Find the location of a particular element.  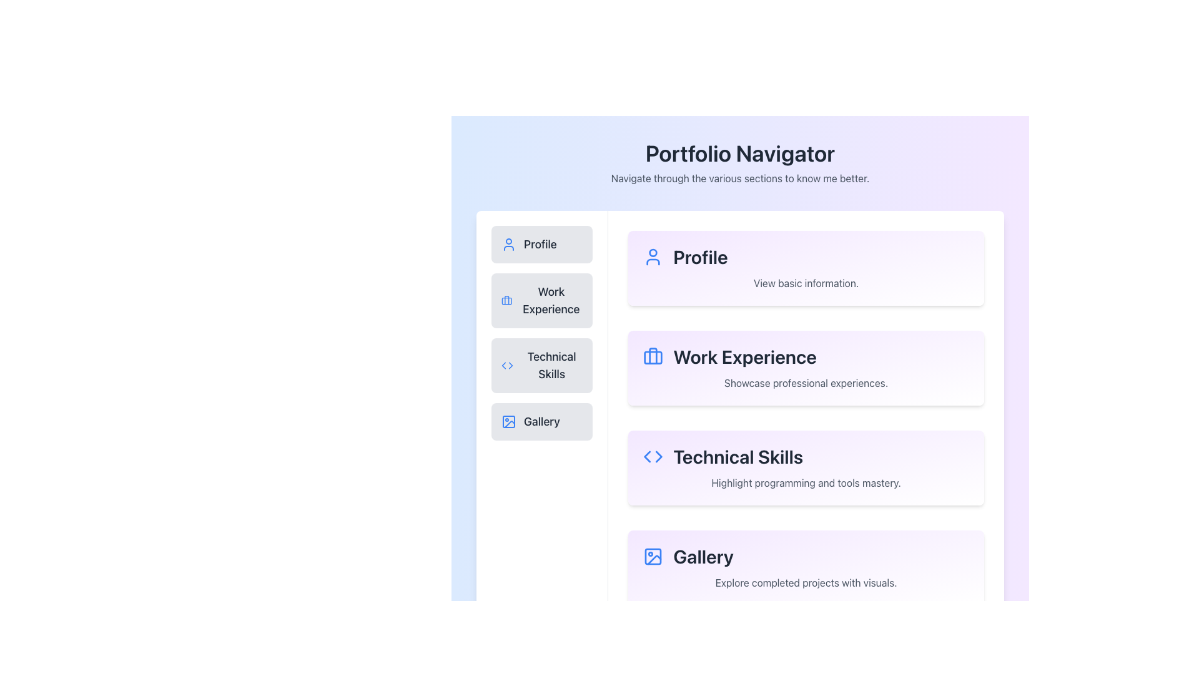

the Graphical Icon Component representing a folder or storage under the 'Work Experience' navigation item in the left-side navigation bar is located at coordinates (506, 301).